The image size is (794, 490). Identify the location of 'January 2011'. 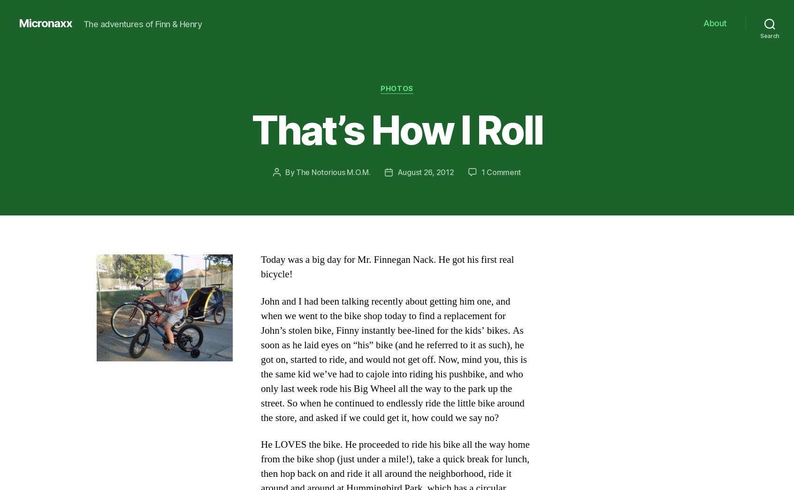
(146, 331).